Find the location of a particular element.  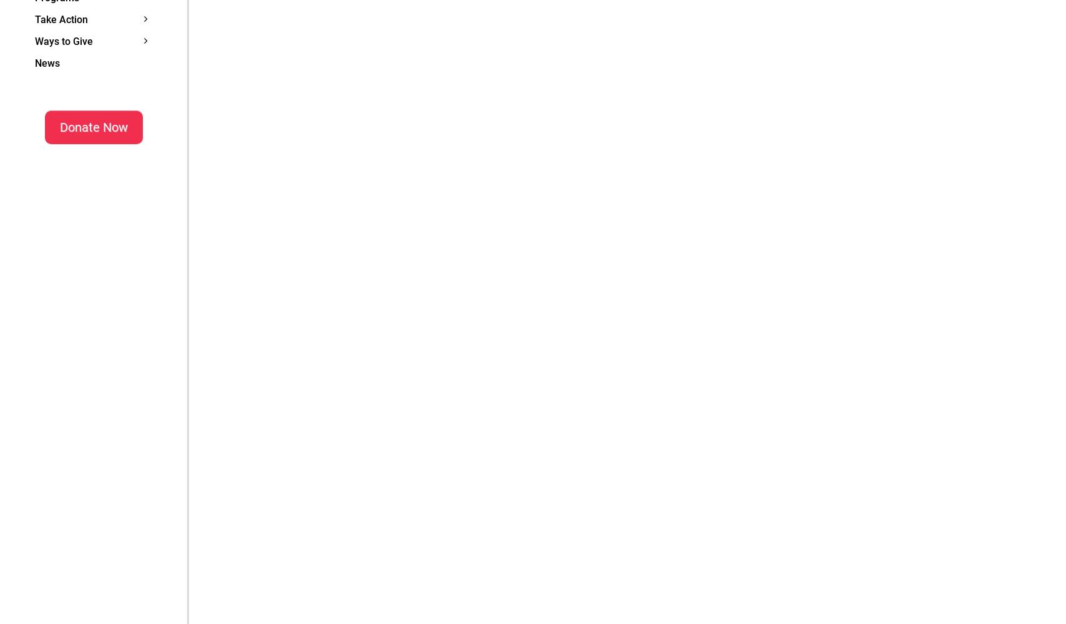

'Donate Now' is located at coordinates (59, 126).